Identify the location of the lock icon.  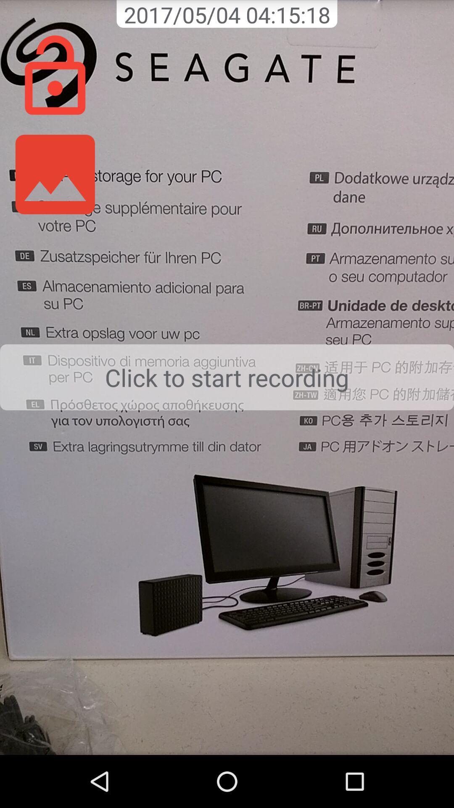
(55, 80).